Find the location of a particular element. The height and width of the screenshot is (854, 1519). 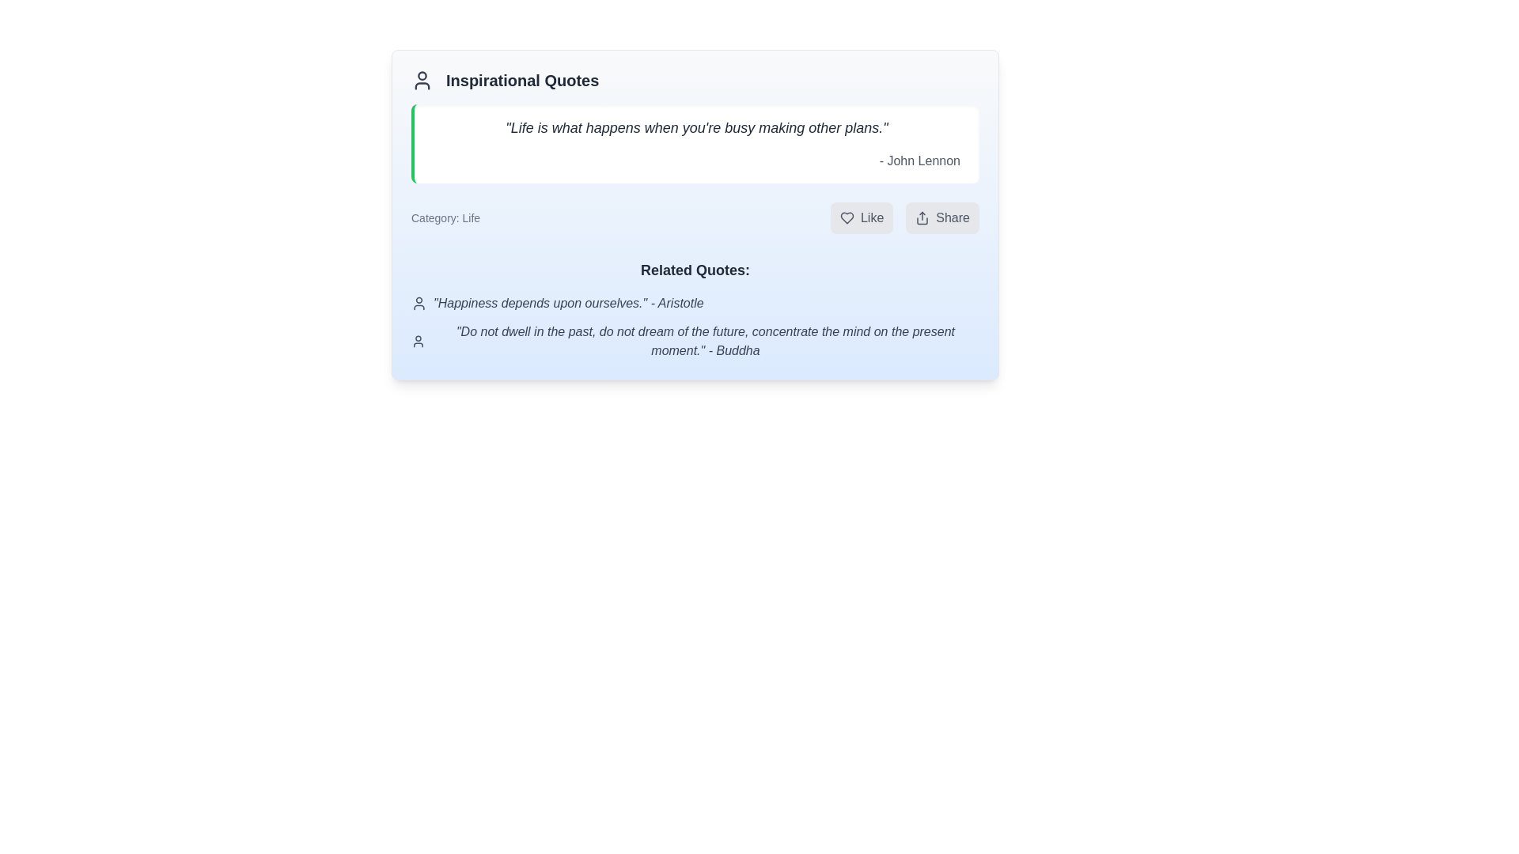

the text label header displaying 'Related Quotes:' which is styled in bold and dark font, positioned at the top of the related quotes section is located at coordinates (695, 270).